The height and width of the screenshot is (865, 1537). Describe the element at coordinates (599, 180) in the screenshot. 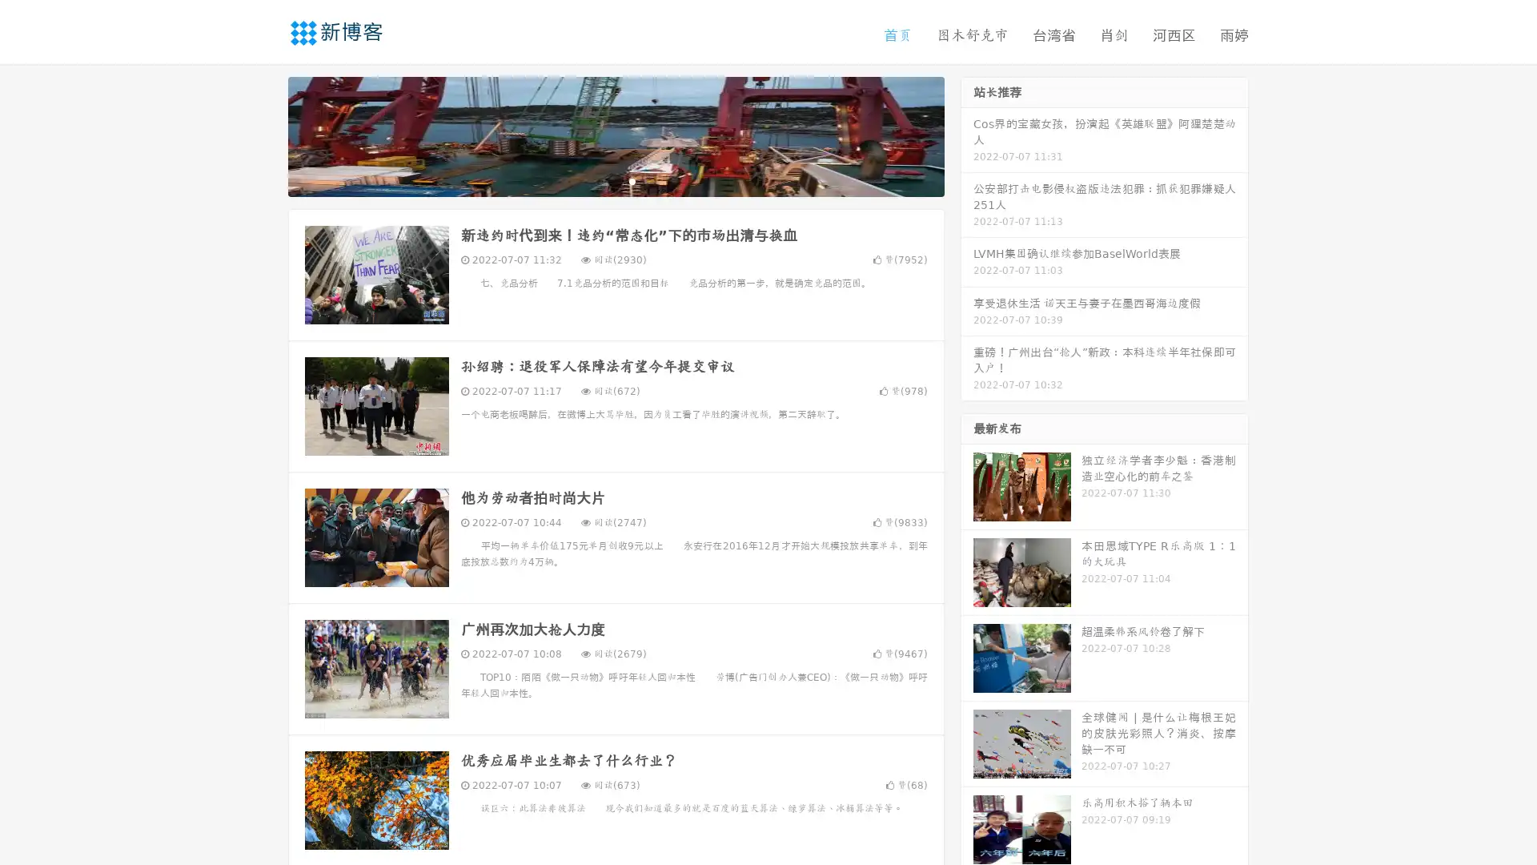

I see `Go to slide 1` at that location.